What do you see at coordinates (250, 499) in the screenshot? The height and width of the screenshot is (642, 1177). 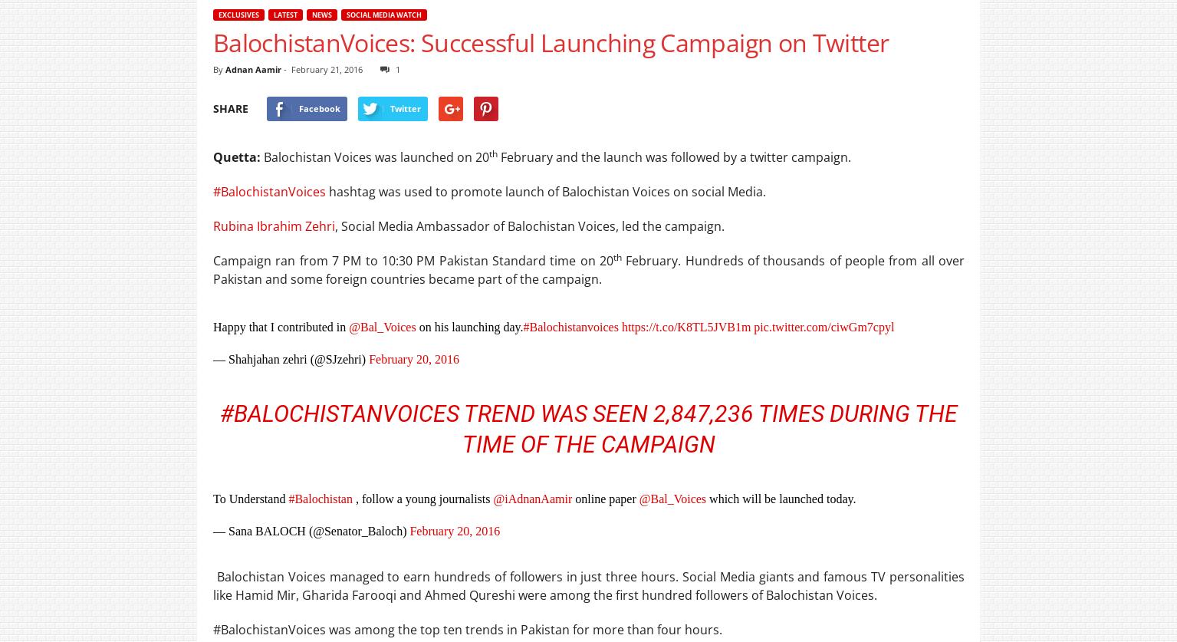 I see `'To Understand'` at bounding box center [250, 499].